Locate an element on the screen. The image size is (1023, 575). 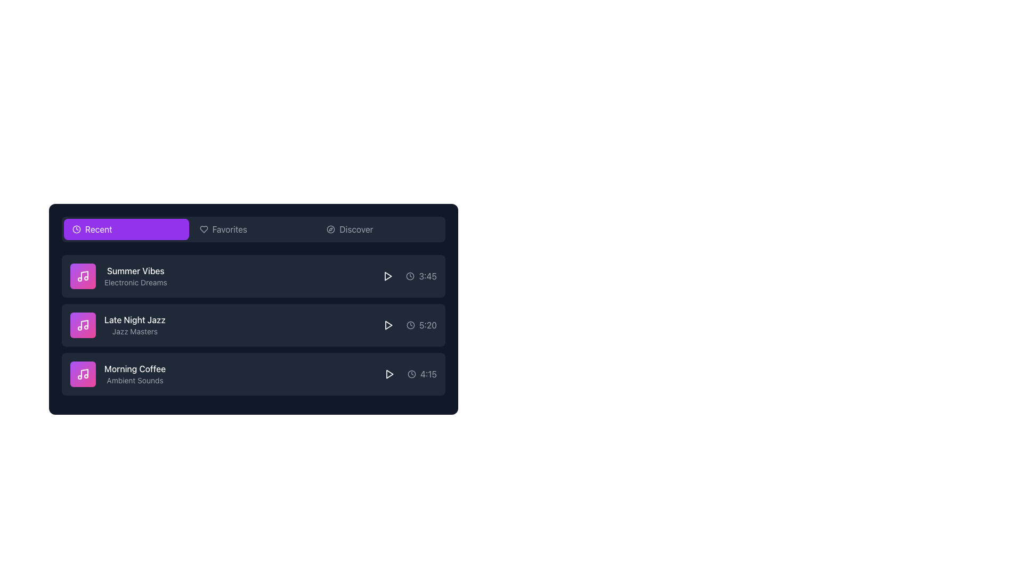
the text label displaying 'Late Night Jazz' in a medium-sized white font, which is positioned within a dark rectangular card, located below 'Summer Vibes' and above 'Morning Coffee' is located at coordinates (134, 324).